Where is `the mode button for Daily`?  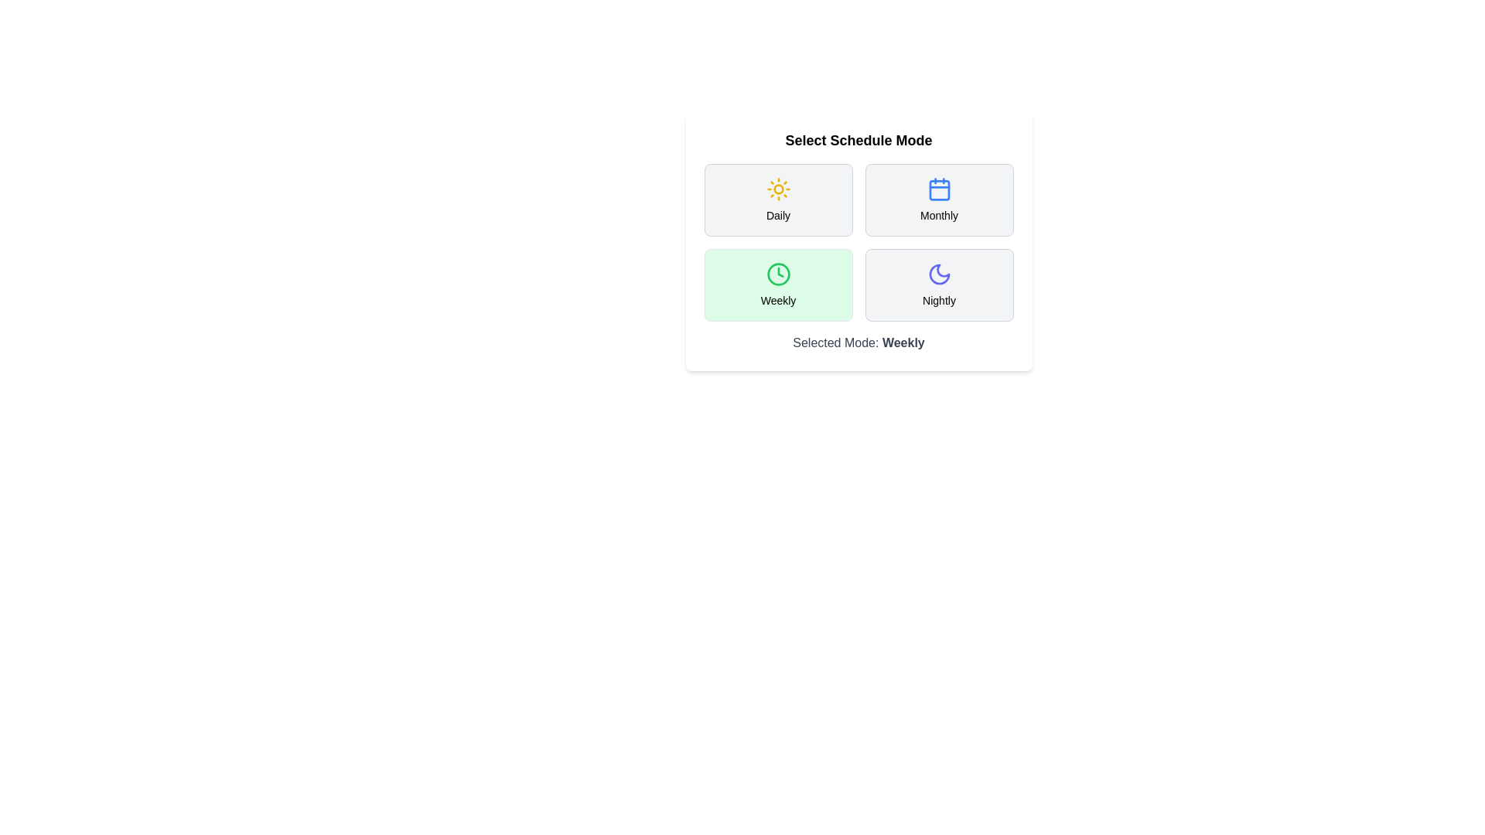
the mode button for Daily is located at coordinates (778, 199).